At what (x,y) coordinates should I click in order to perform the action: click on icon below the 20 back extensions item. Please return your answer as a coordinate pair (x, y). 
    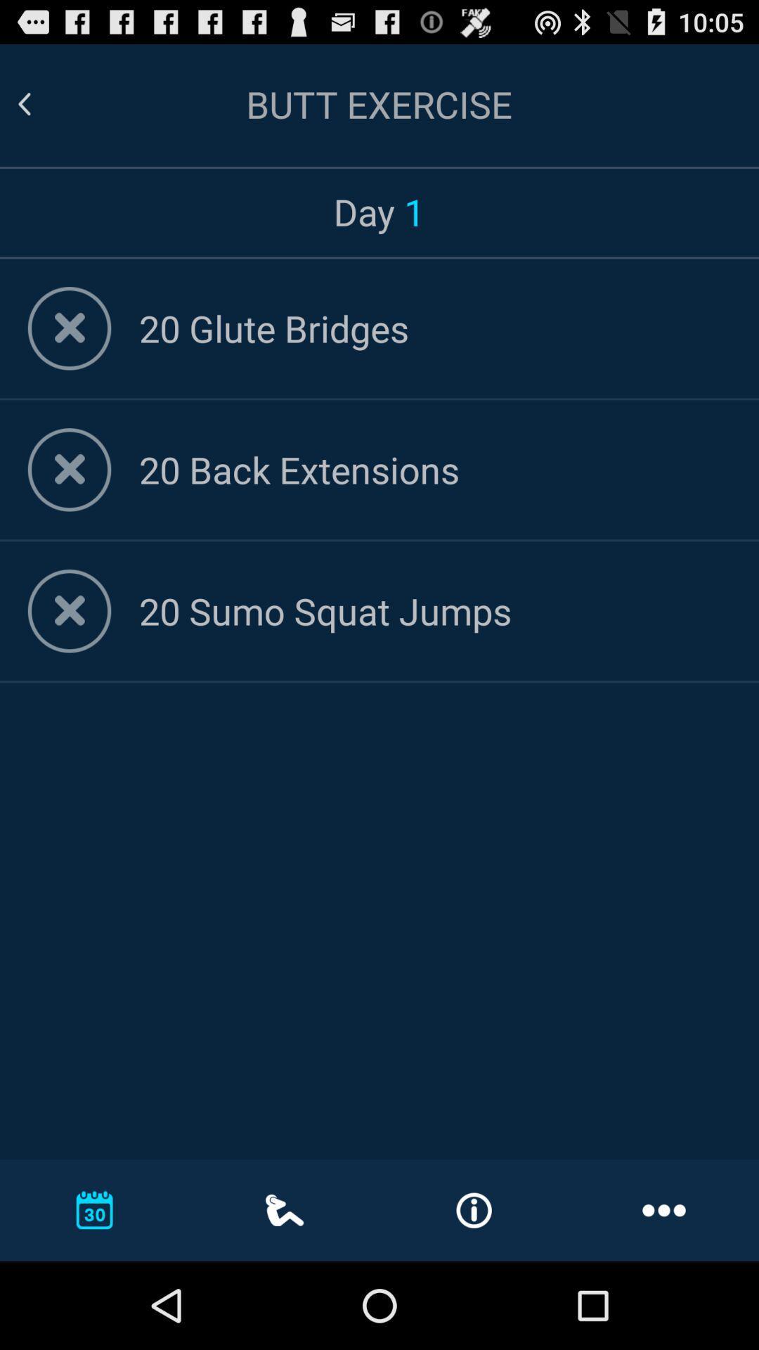
    Looking at the image, I should click on (434, 610).